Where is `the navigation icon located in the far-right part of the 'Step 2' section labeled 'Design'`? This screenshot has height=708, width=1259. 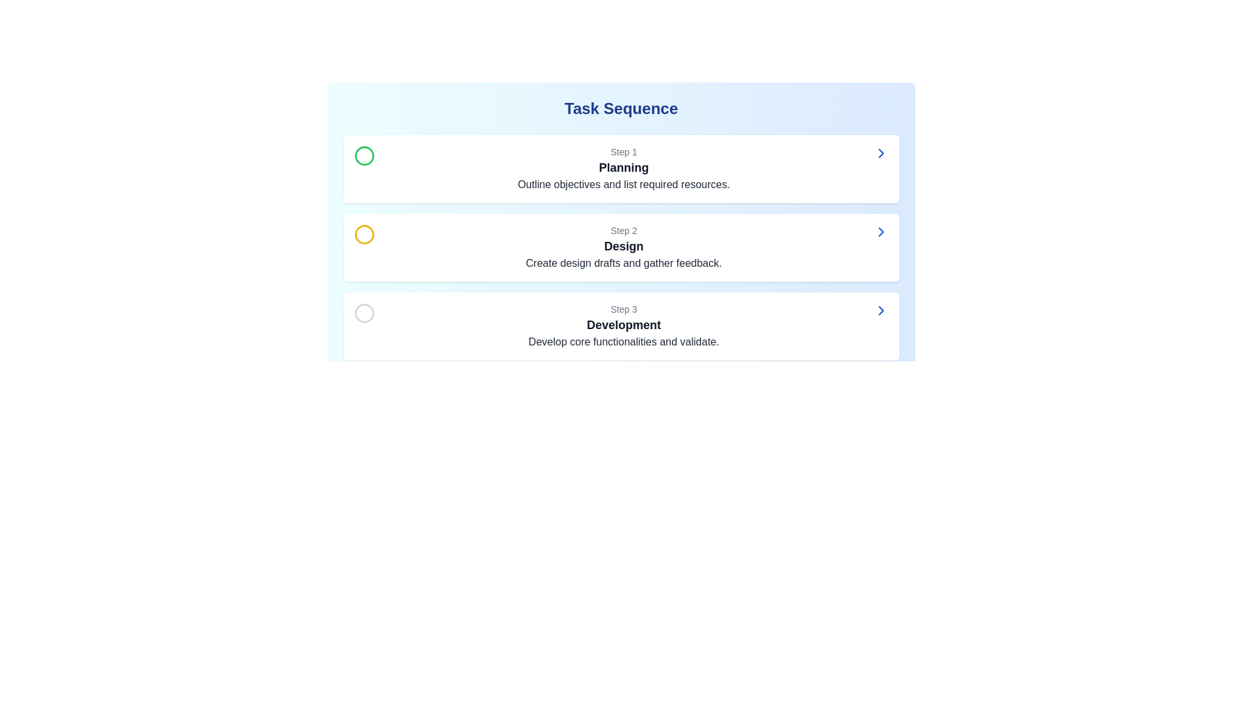 the navigation icon located in the far-right part of the 'Step 2' section labeled 'Design' is located at coordinates (881, 231).